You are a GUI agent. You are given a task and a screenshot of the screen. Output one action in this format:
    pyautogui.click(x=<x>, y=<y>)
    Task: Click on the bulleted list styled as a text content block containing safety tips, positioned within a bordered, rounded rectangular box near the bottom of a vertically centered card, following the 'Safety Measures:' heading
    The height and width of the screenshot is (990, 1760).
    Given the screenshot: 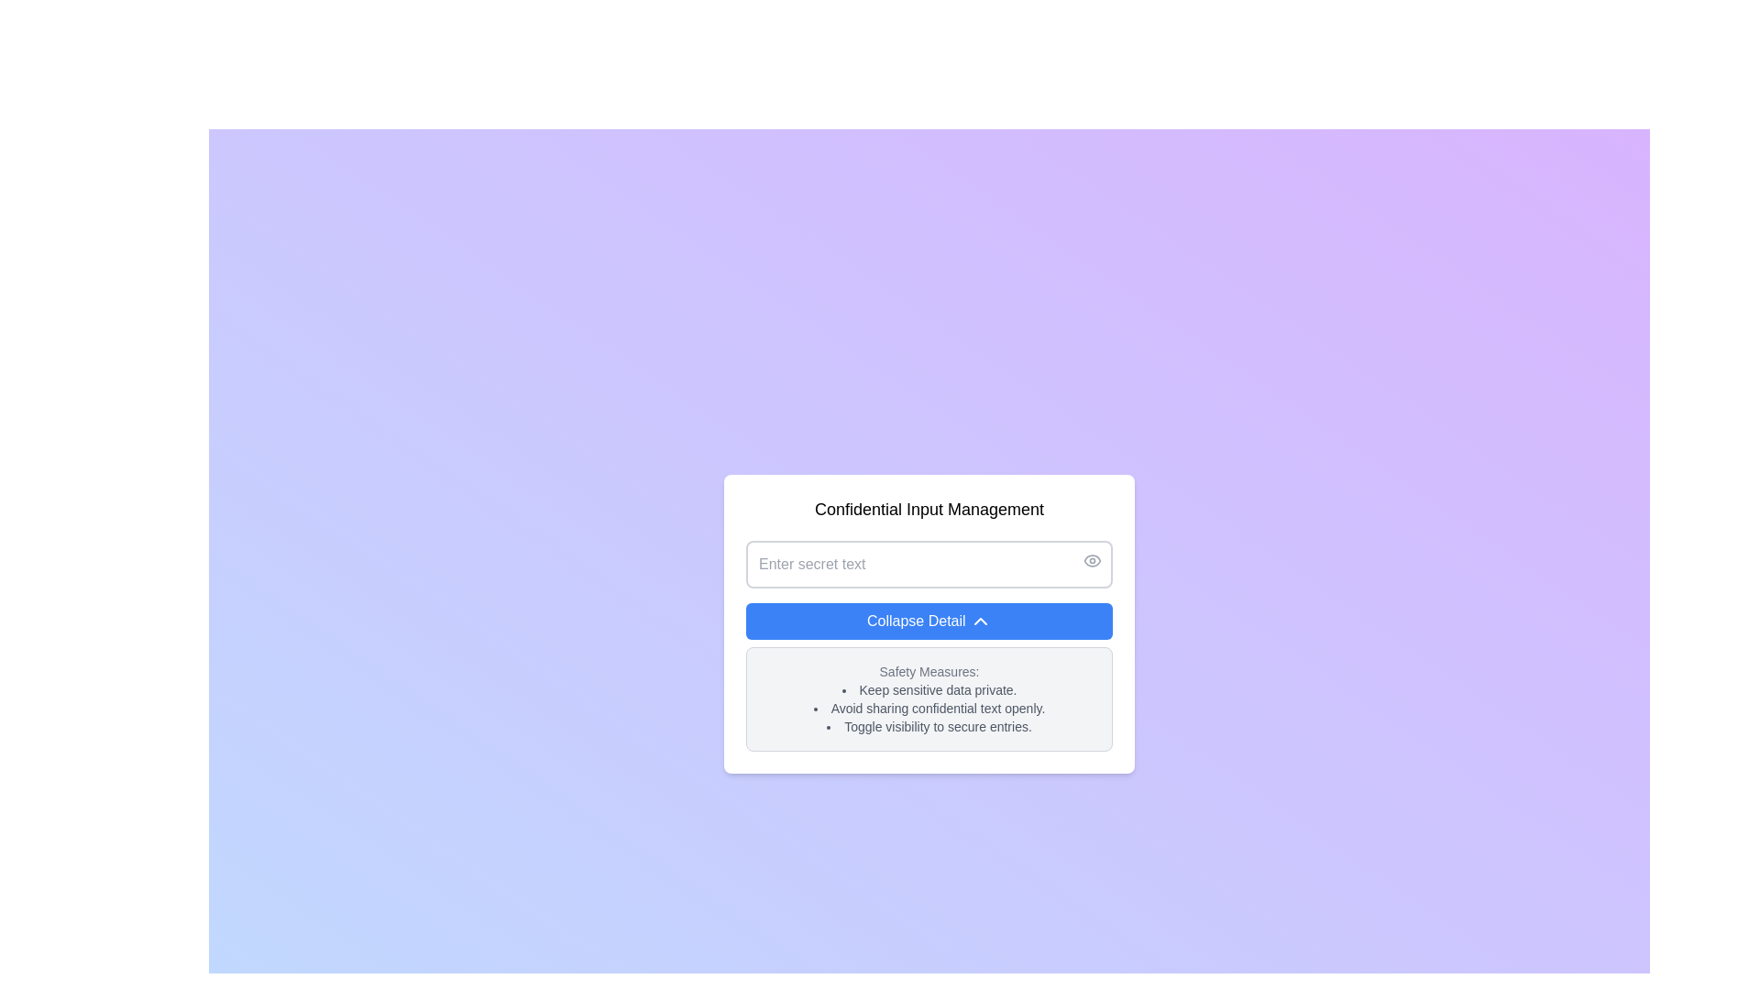 What is the action you would take?
    pyautogui.click(x=929, y=707)
    